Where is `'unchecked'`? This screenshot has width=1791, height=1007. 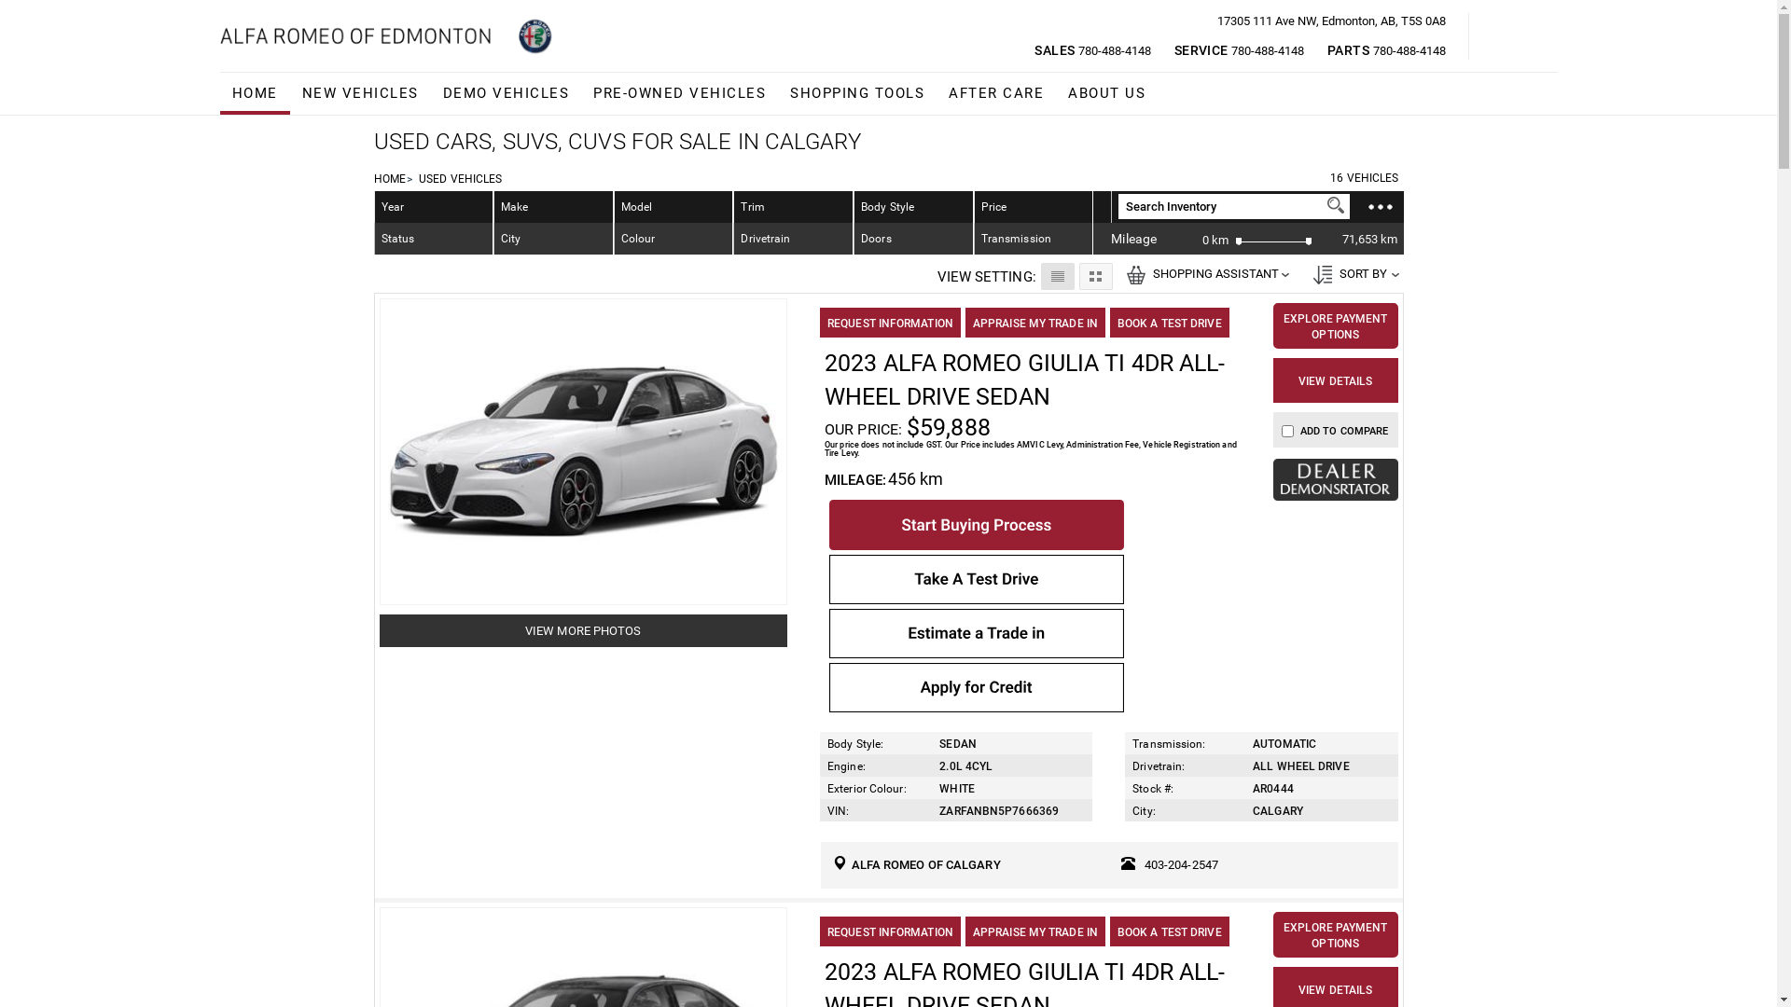
'unchecked' is located at coordinates (1286, 431).